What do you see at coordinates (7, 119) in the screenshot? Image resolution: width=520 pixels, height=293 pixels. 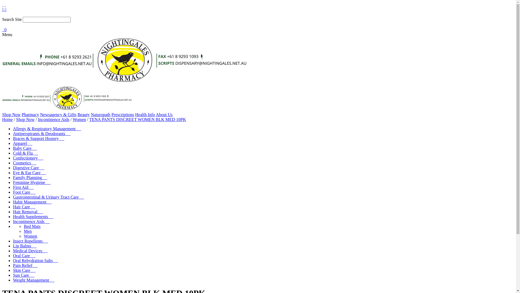 I see `'Home'` at bounding box center [7, 119].